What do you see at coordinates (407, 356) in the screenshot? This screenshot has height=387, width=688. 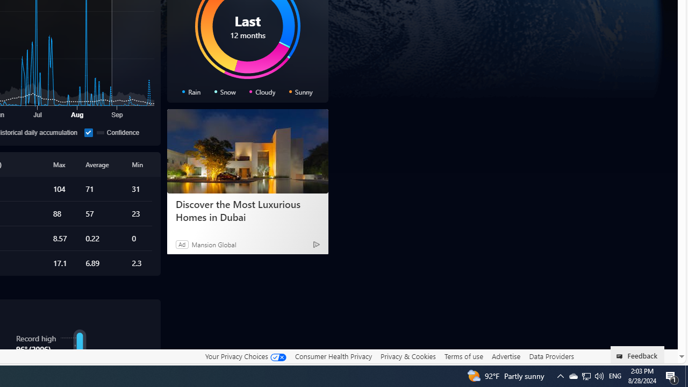 I see `'Privacy & Cookies'` at bounding box center [407, 356].